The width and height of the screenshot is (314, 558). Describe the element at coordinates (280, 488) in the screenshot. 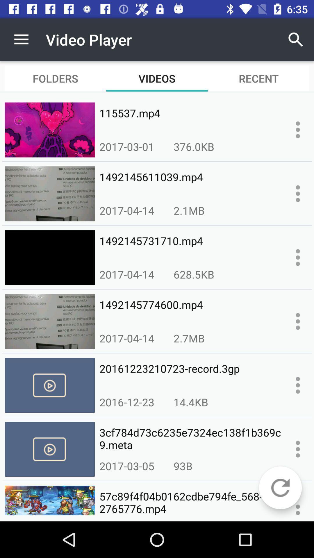

I see `refresh current page` at that location.